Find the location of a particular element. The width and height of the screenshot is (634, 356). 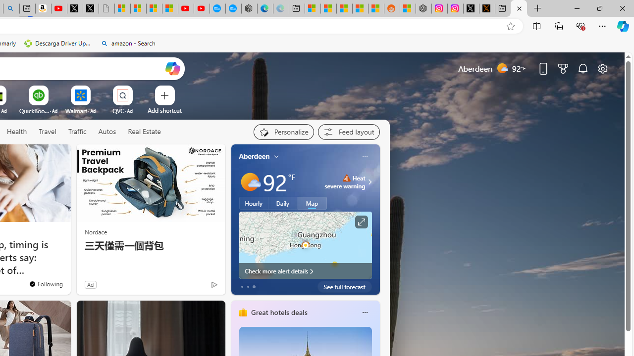

'Travel' is located at coordinates (47, 132).